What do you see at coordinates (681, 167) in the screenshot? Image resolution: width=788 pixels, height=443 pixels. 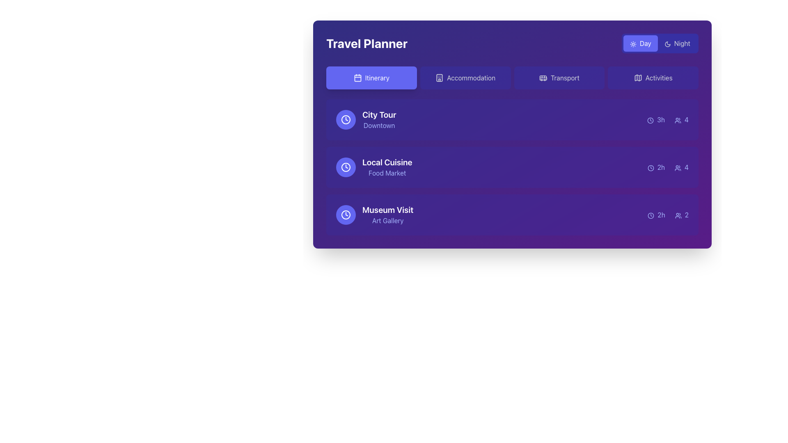 I see `the text label and icon that indicates the number of participants for the 'Local Cuisine' itinerary item, located to the right of the duration display ('2h')` at bounding box center [681, 167].